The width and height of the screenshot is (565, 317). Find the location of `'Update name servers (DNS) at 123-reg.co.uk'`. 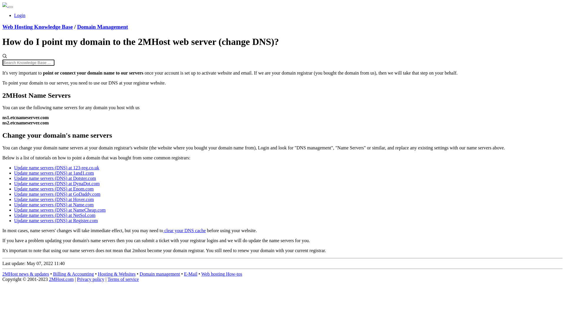

'Update name servers (DNS) at 123-reg.co.uk' is located at coordinates (56, 168).